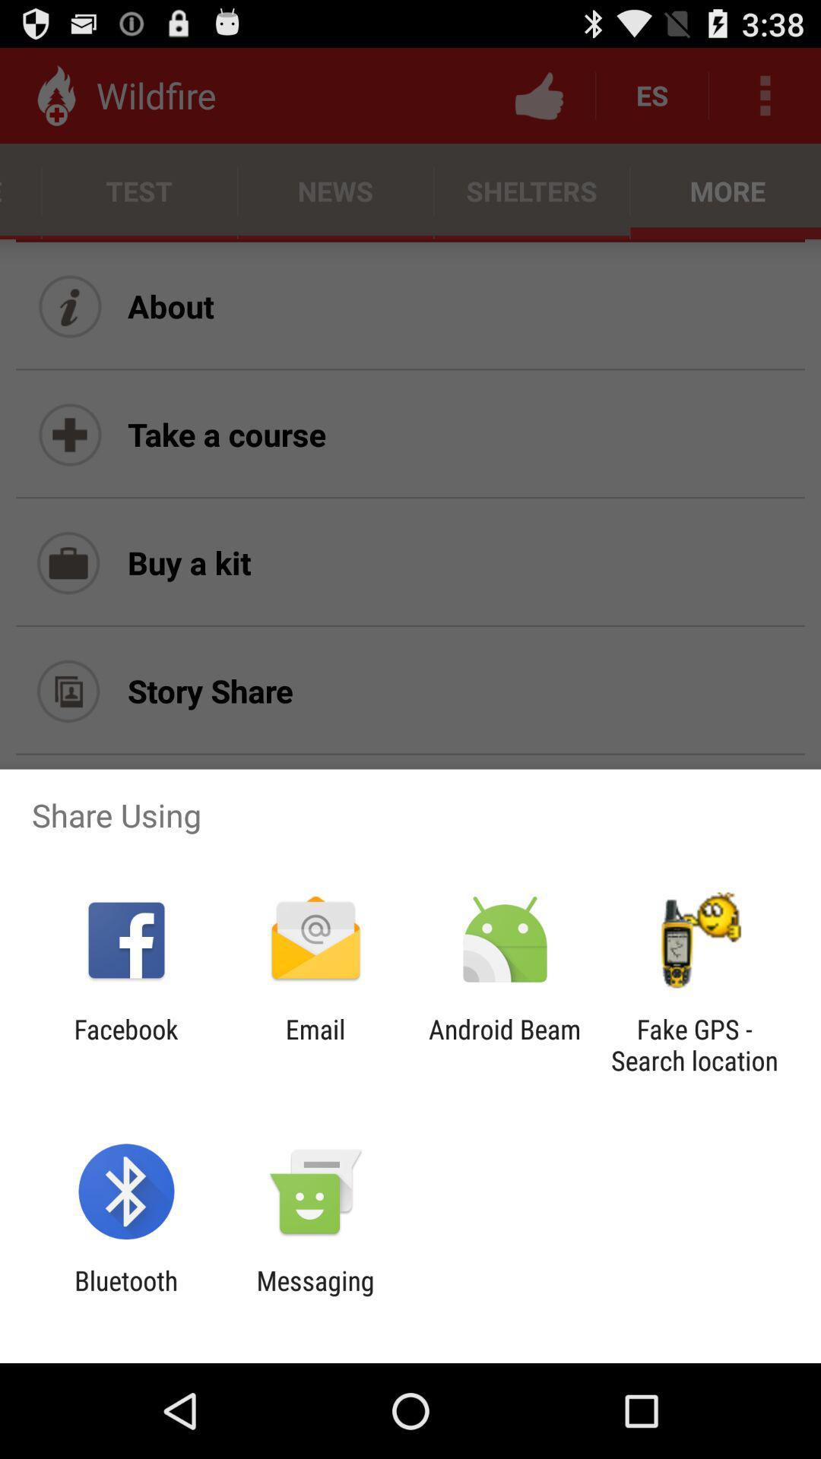  What do you see at coordinates (505, 1044) in the screenshot?
I see `item next to fake gps search icon` at bounding box center [505, 1044].